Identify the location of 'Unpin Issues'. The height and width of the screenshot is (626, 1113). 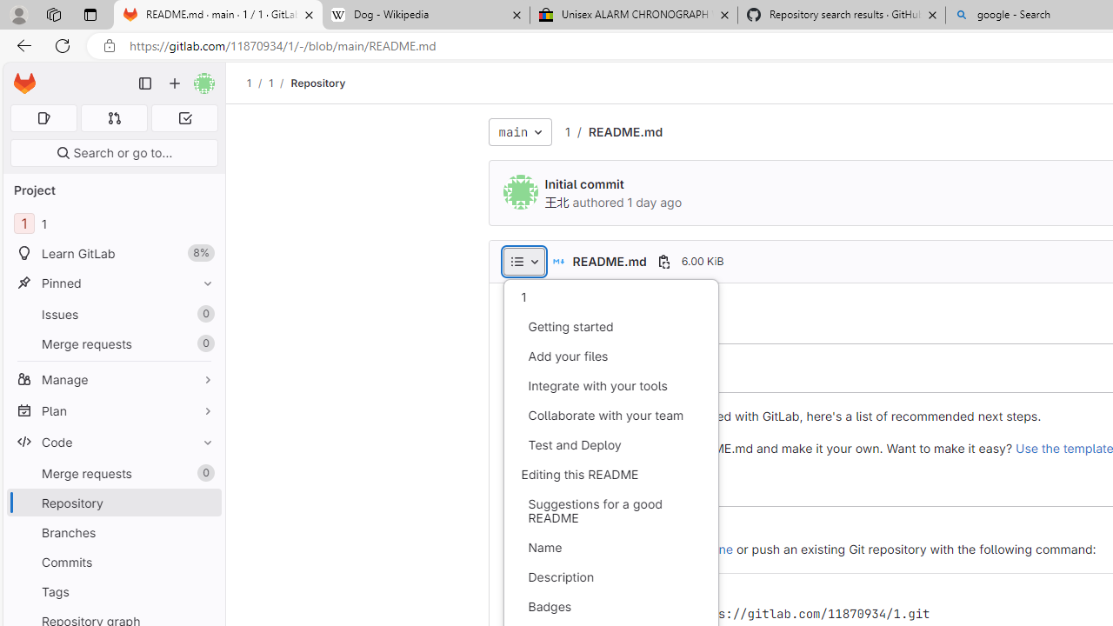
(203, 314).